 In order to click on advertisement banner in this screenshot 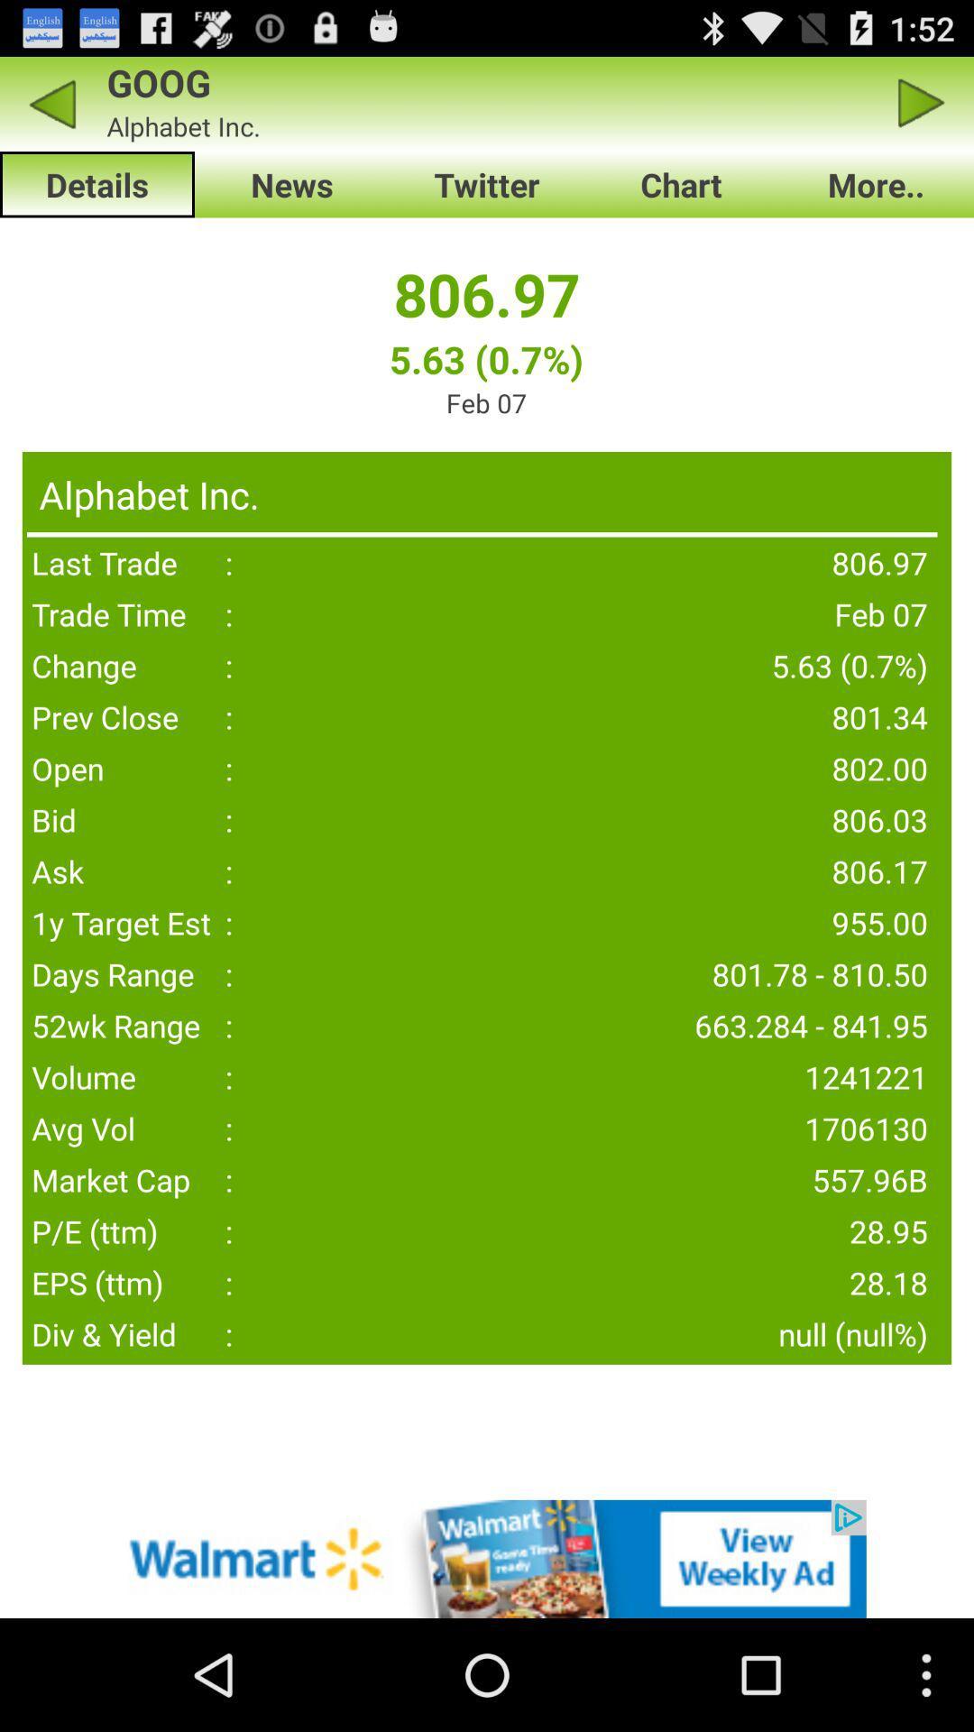, I will do `click(487, 1558)`.